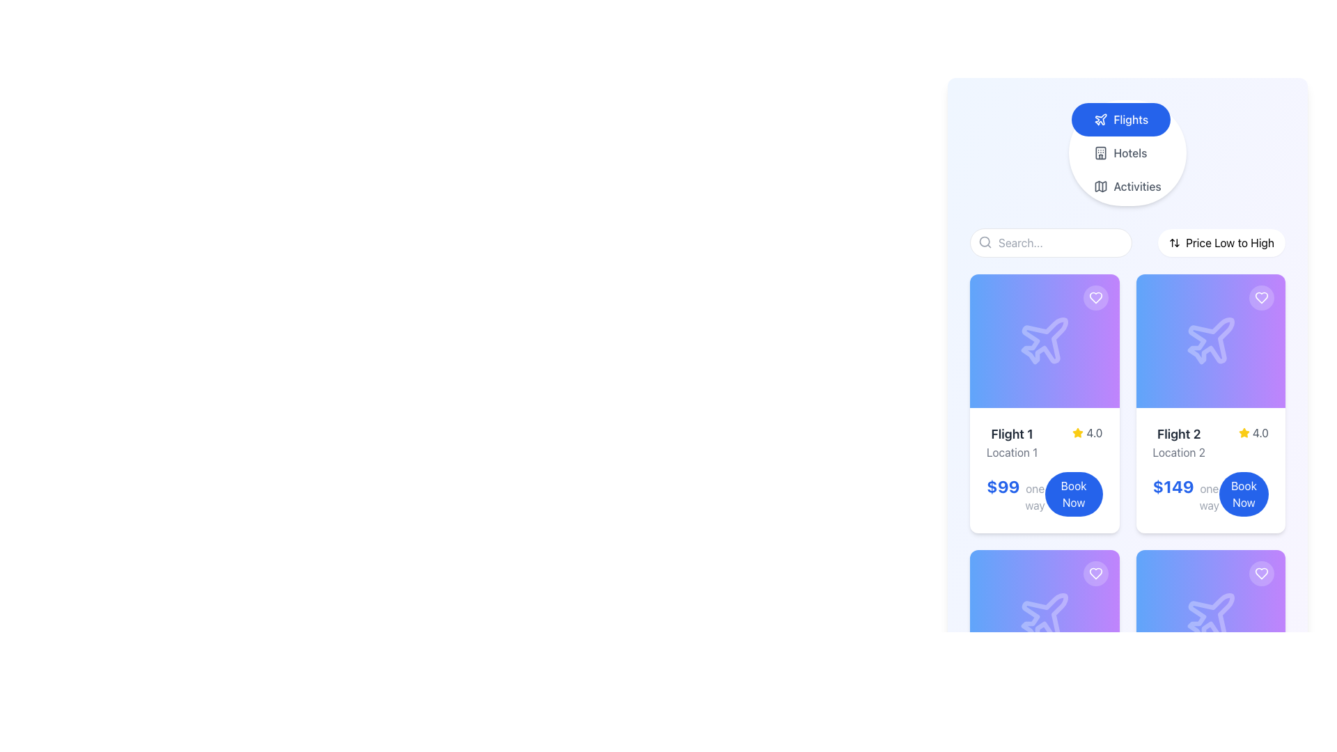 The width and height of the screenshot is (1337, 752). What do you see at coordinates (1100, 119) in the screenshot?
I see `the Decorative icon that symbolizes flights, which is located within the rounded blue button labeled 'Flights' at the top of the interface` at bounding box center [1100, 119].